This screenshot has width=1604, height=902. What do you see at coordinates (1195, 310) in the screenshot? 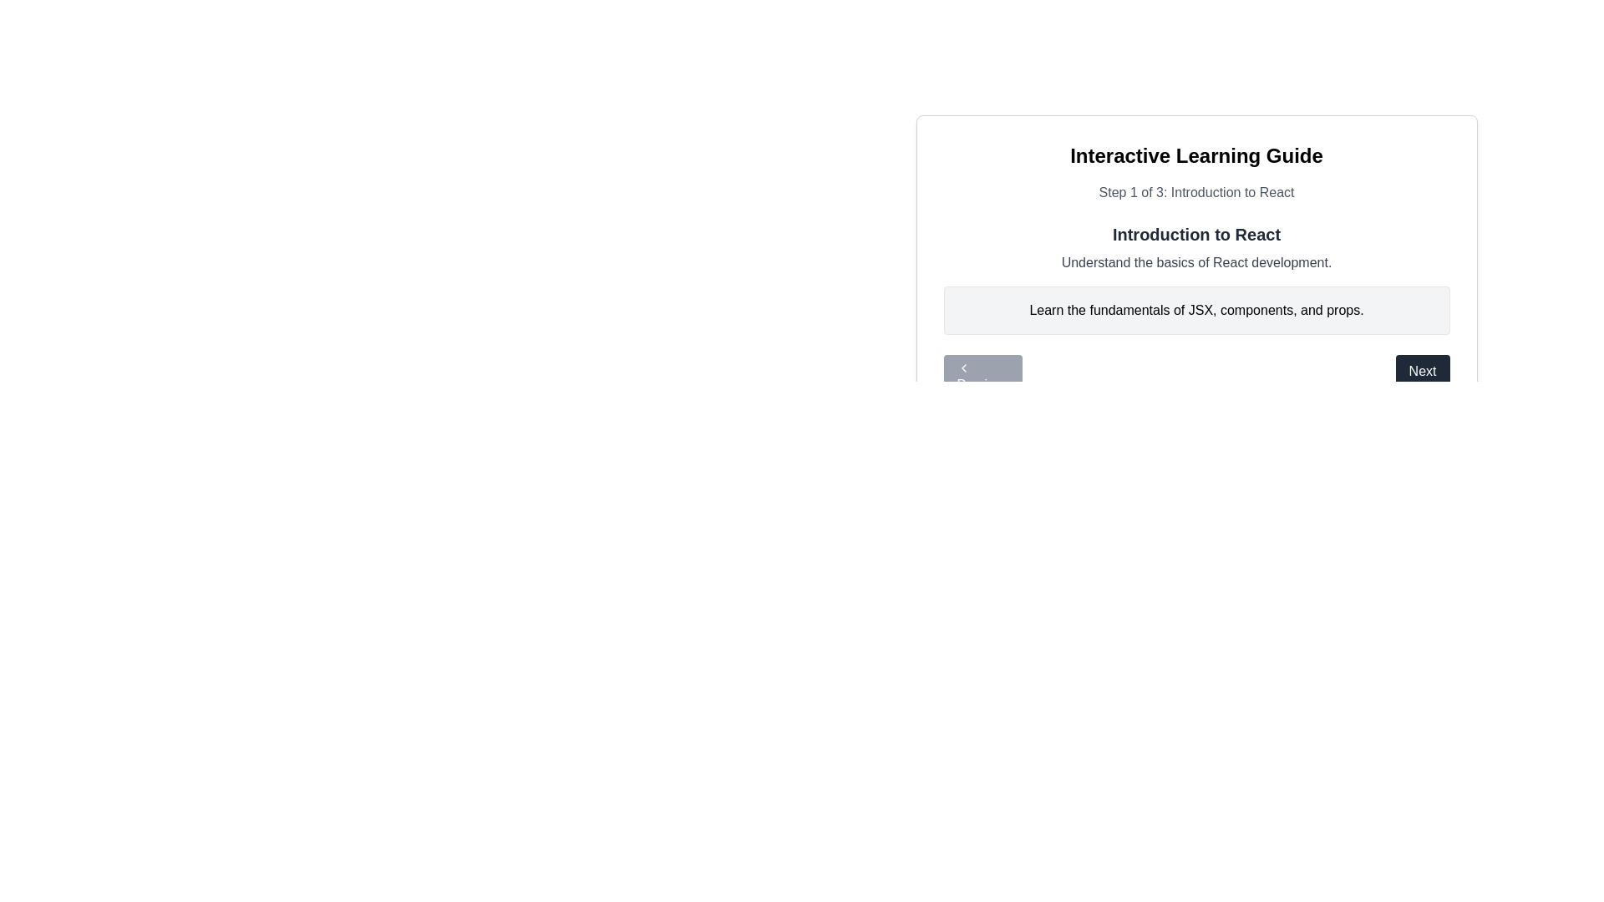
I see `the text block with a light gray background that contains the text 'Learn the fundamentals of JSX, components, and props.' located in the bottom section of the 'Introduction to React' block` at bounding box center [1195, 310].